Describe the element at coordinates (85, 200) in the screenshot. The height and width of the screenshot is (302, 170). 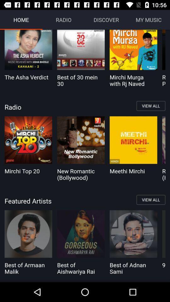
I see `the featured artists item` at that location.